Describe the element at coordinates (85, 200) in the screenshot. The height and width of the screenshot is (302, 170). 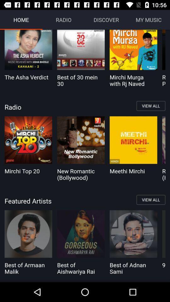
I see `the featured artists item` at that location.